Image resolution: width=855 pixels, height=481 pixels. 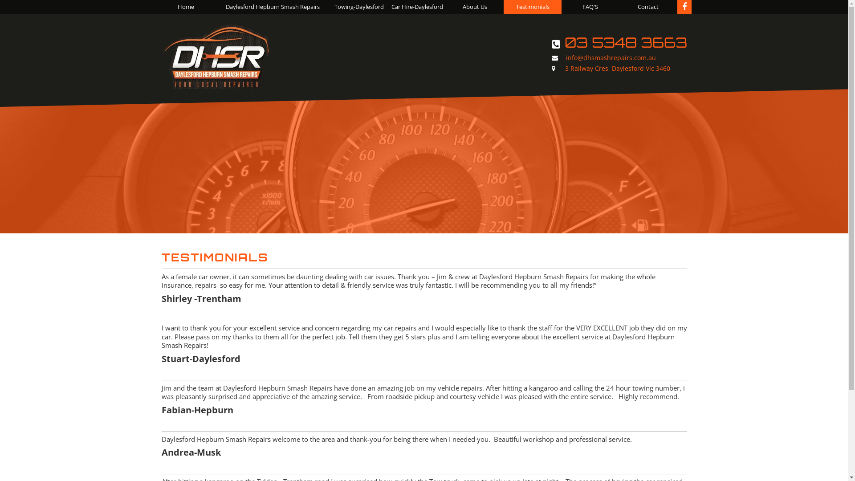 I want to click on 'Towing-Daylesford', so click(x=330, y=7).